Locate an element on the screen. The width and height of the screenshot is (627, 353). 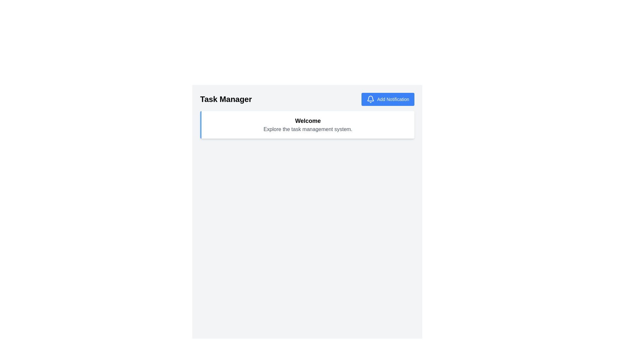
the 'Welcome' text block to check for interactivity, which is a prominent white rectangular box with a blue left border located below the 'Task Manager' heading is located at coordinates (307, 125).